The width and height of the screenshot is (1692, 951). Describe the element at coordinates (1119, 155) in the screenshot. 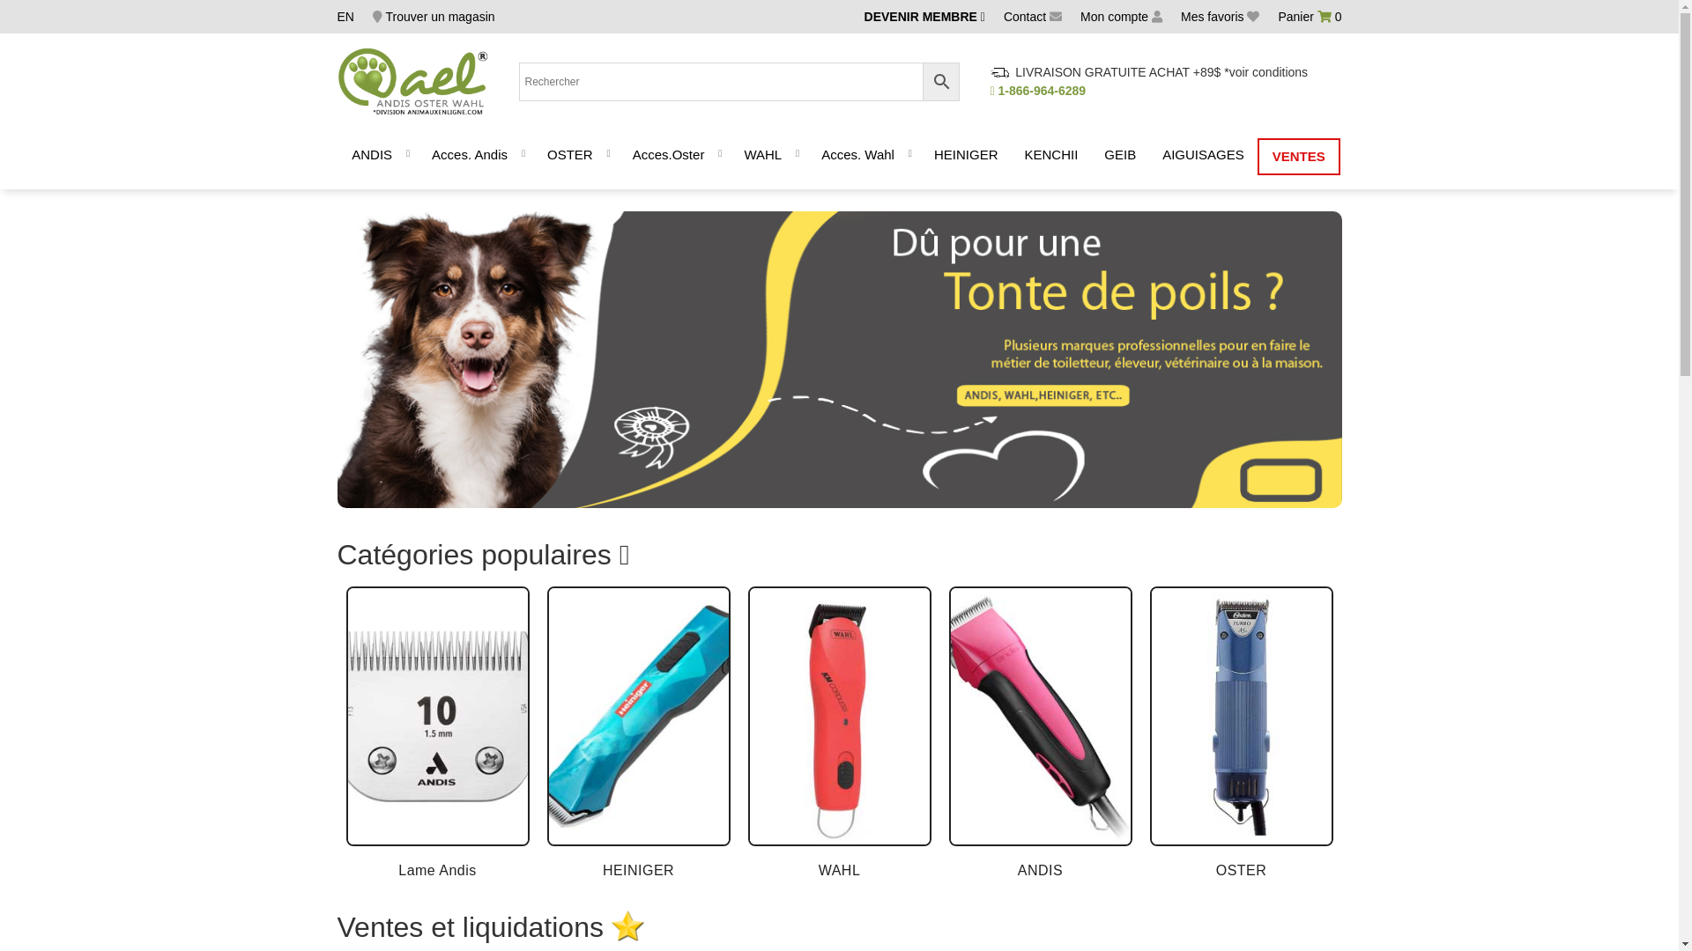

I see `'GEIB'` at that location.